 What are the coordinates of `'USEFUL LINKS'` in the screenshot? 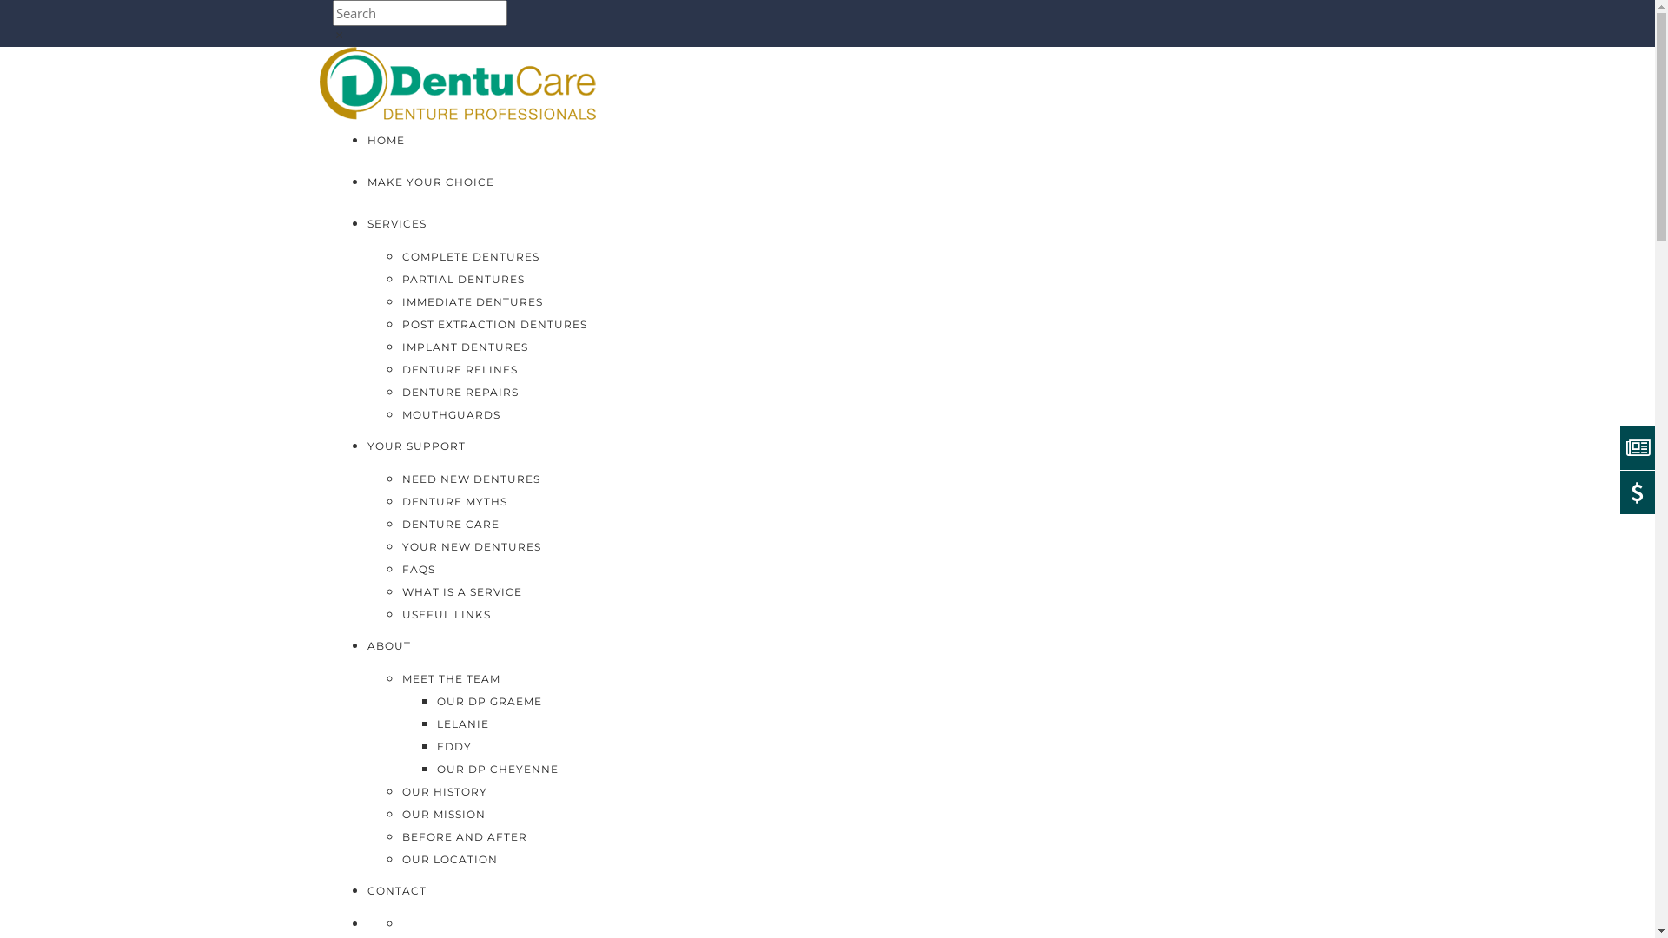 It's located at (446, 613).